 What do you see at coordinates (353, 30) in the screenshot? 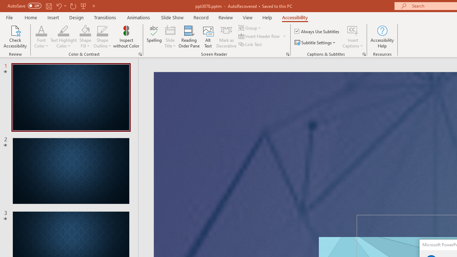
I see `'Insert Captions'` at bounding box center [353, 30].